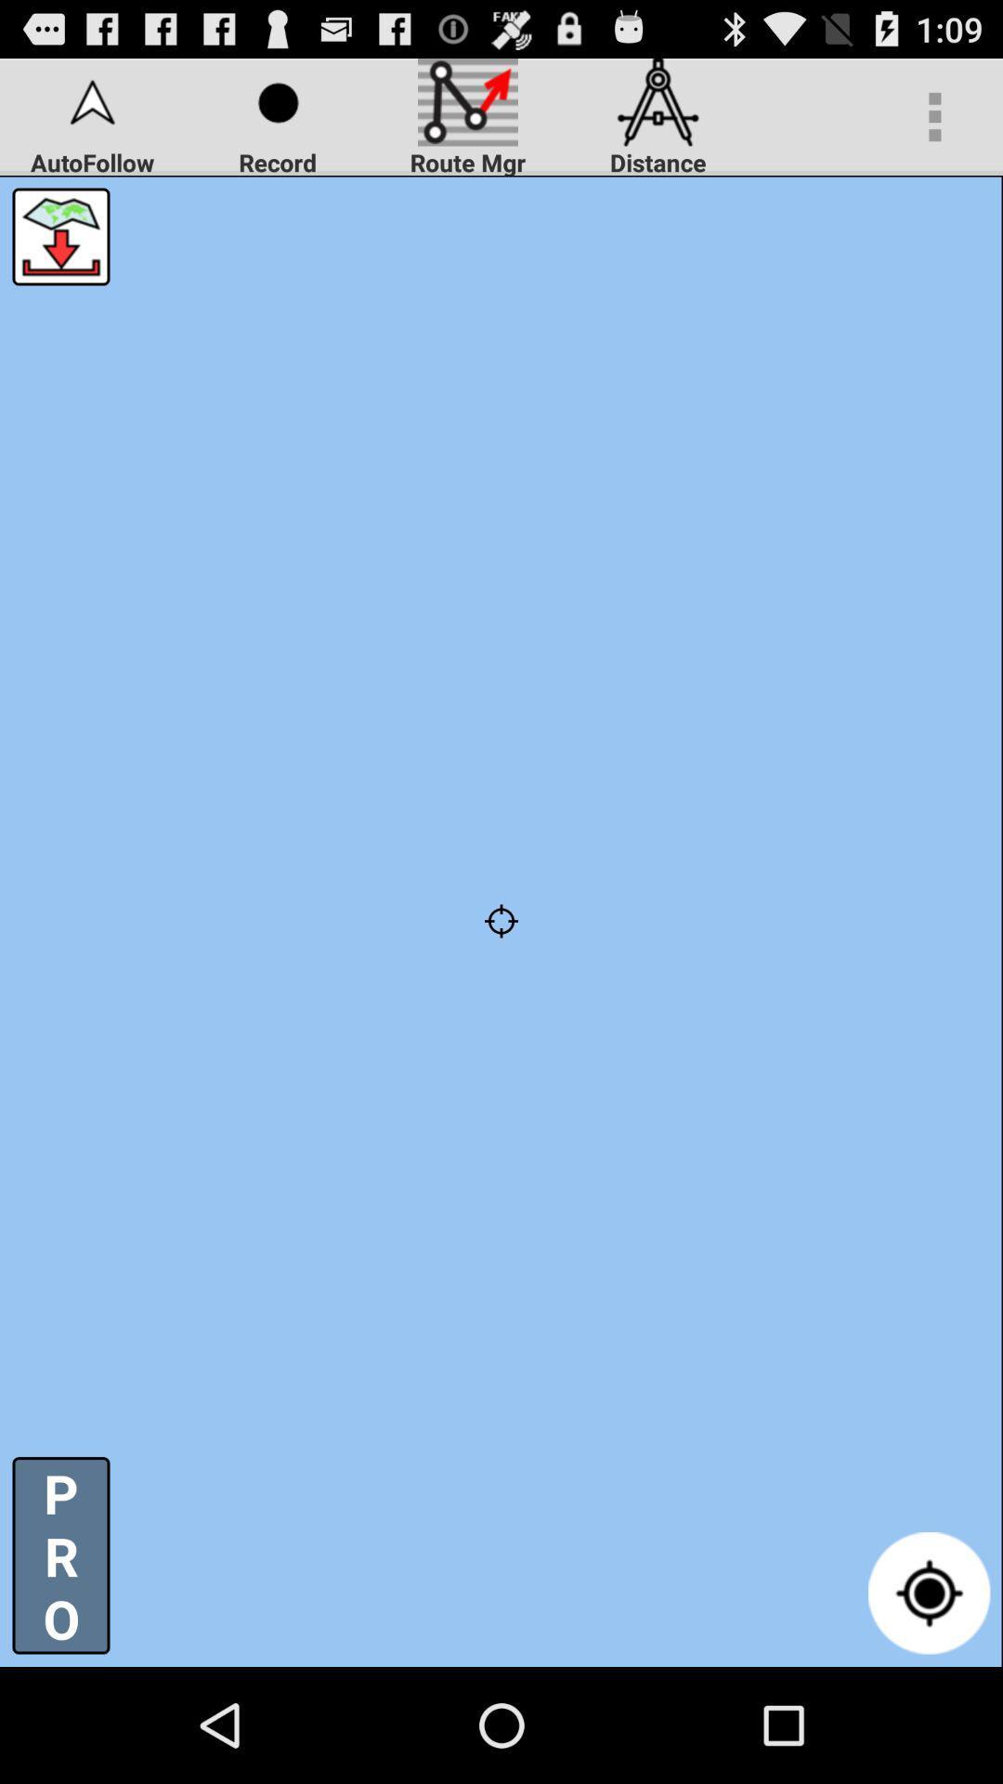  What do you see at coordinates (59, 235) in the screenshot?
I see `icon above p` at bounding box center [59, 235].